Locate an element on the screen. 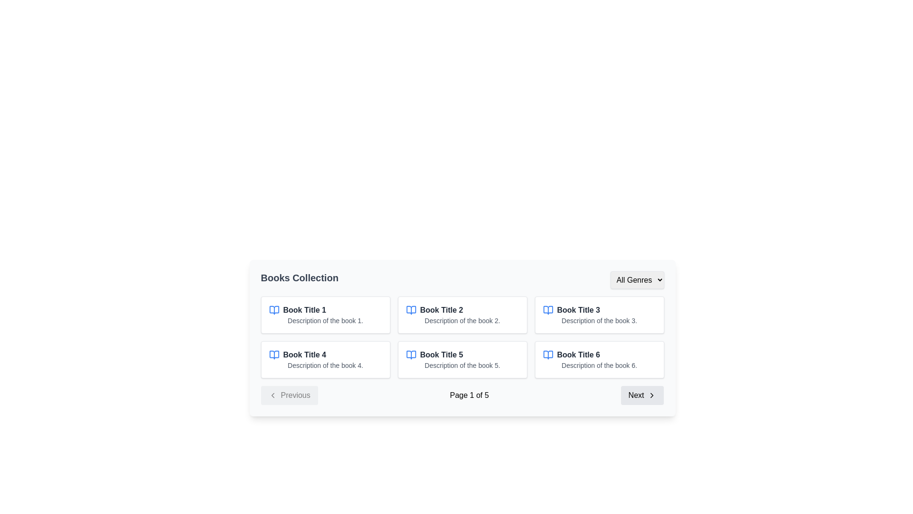 This screenshot has height=514, width=913. the dropdown menu located in the upper-right corner of the 'Books Collection' section is located at coordinates (637, 279).